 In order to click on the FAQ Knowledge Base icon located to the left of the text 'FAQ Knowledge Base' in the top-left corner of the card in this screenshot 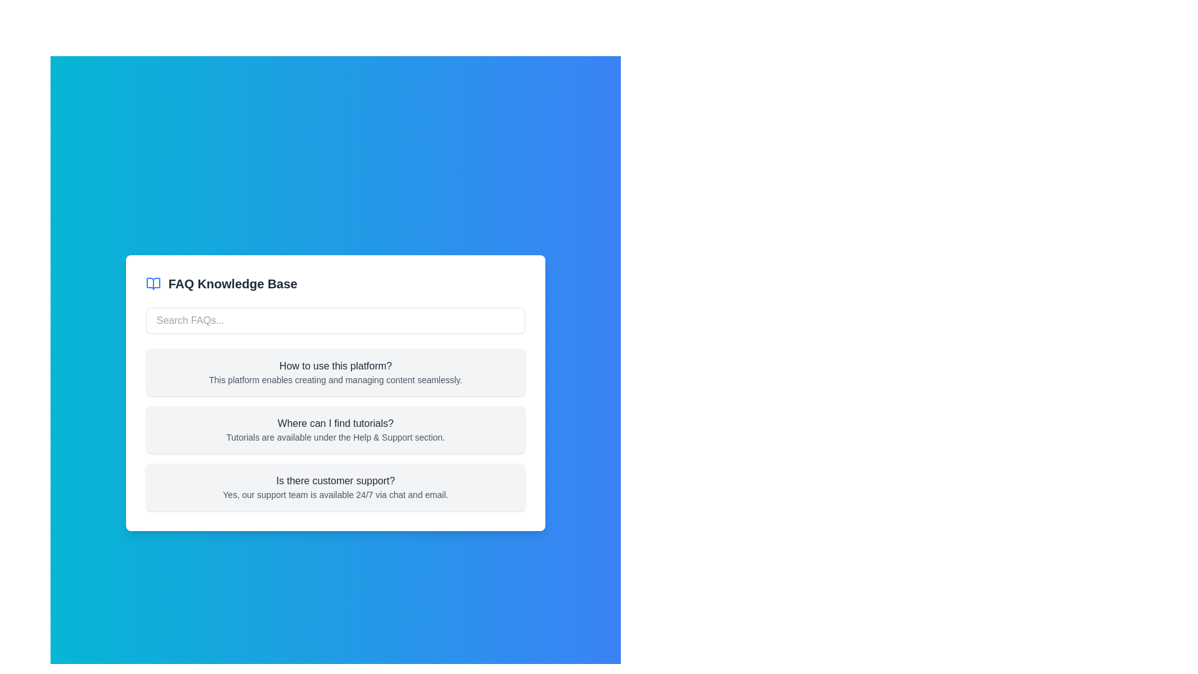, I will do `click(152, 284)`.